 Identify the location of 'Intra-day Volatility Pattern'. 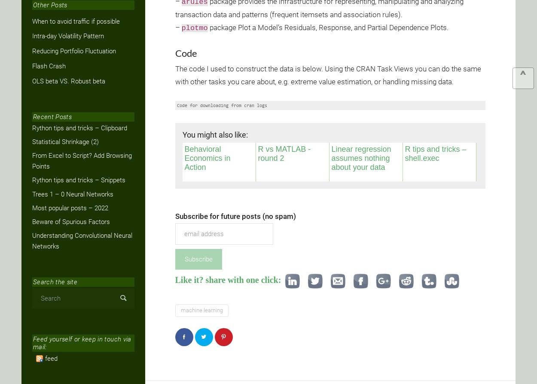
(68, 36).